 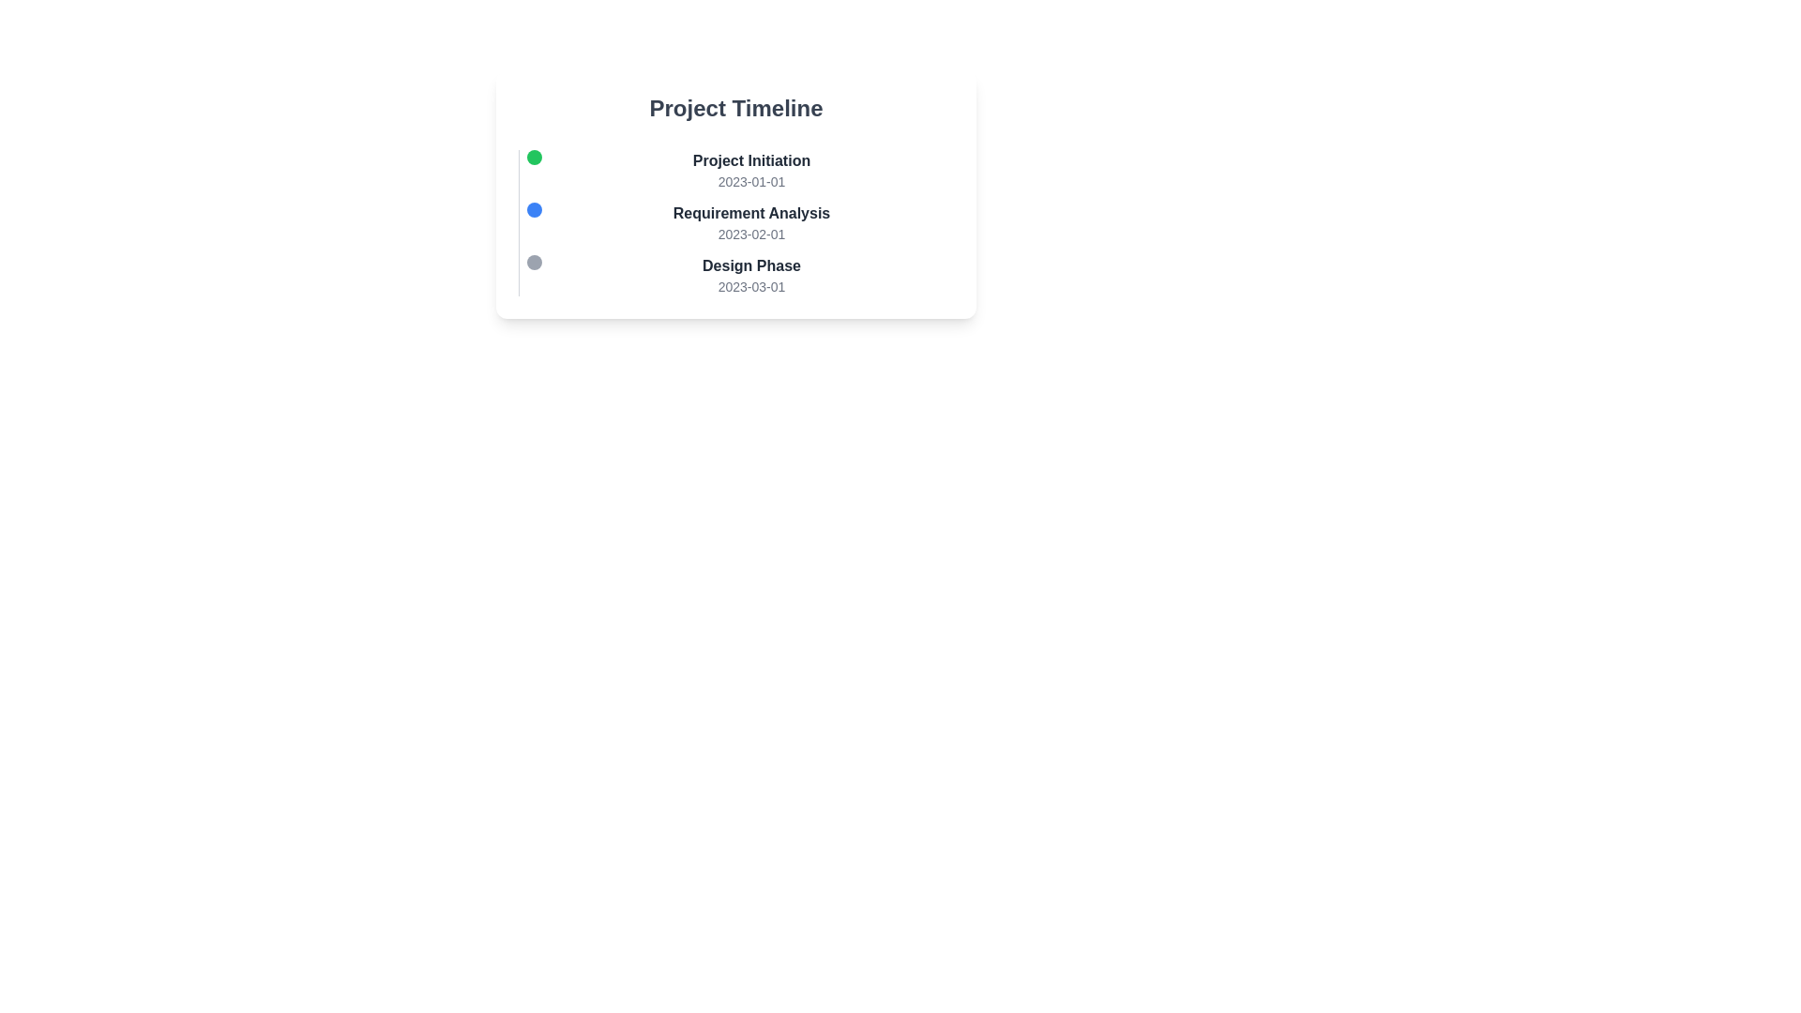 I want to click on the small circular gray marker located to the left of the 'Design Phase' label and the date '2023-03-01', so click(x=534, y=263).